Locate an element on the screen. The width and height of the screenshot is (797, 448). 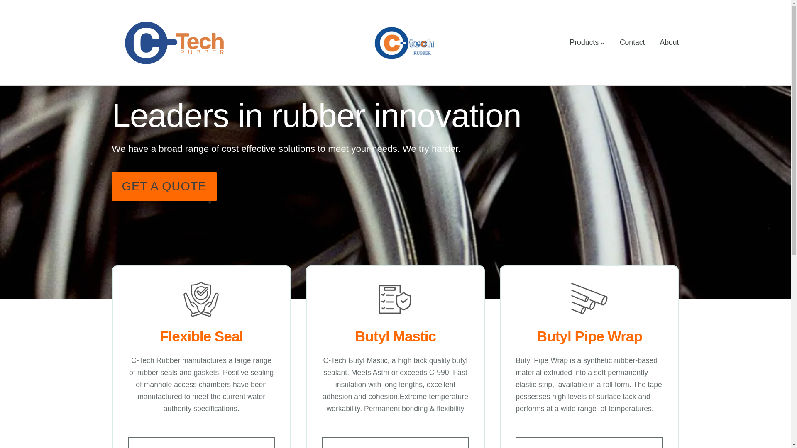
'Flexible Seal' is located at coordinates (201, 336).